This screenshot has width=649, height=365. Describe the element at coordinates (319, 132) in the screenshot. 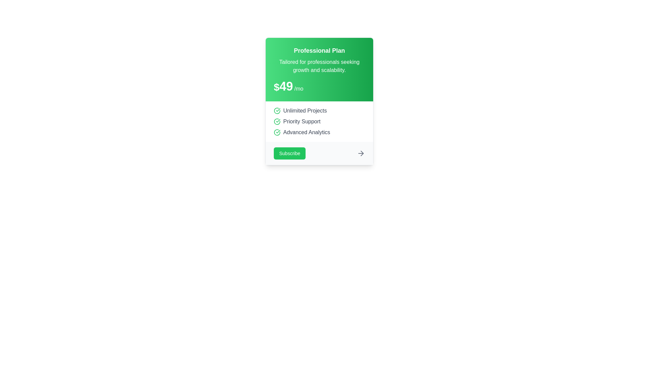

I see `the 'Advanced Analytics' text label with a green checkmark icon` at that location.